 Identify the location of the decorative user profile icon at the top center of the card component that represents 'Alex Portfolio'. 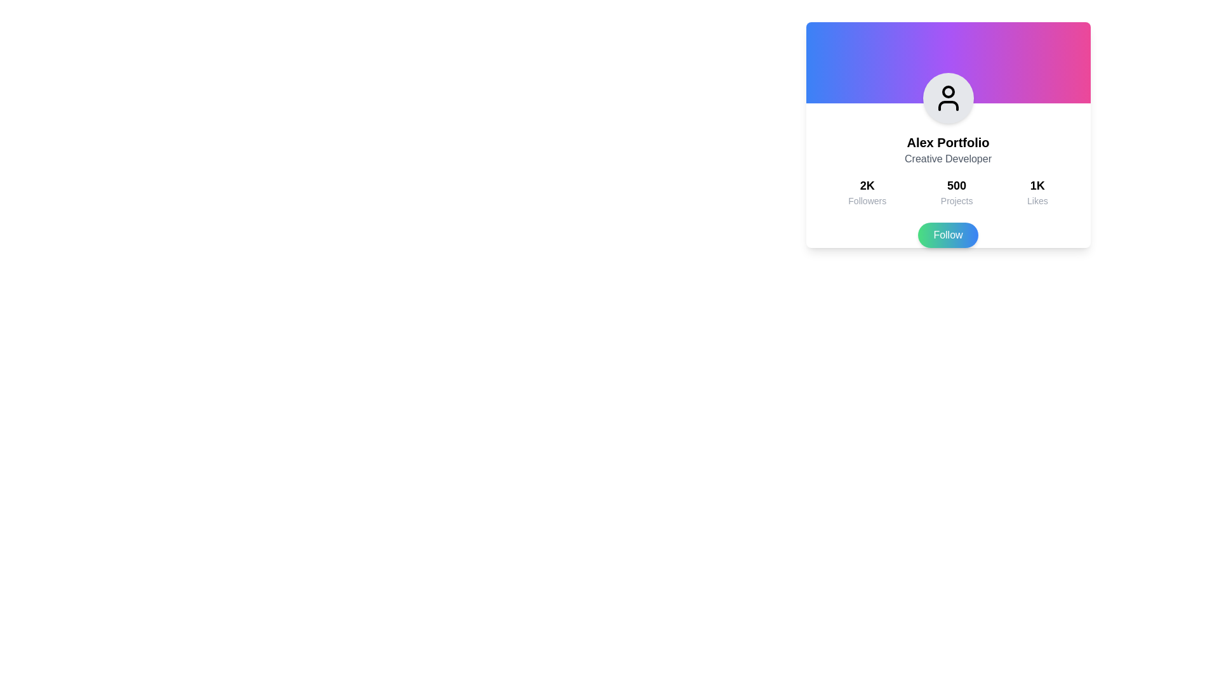
(948, 97).